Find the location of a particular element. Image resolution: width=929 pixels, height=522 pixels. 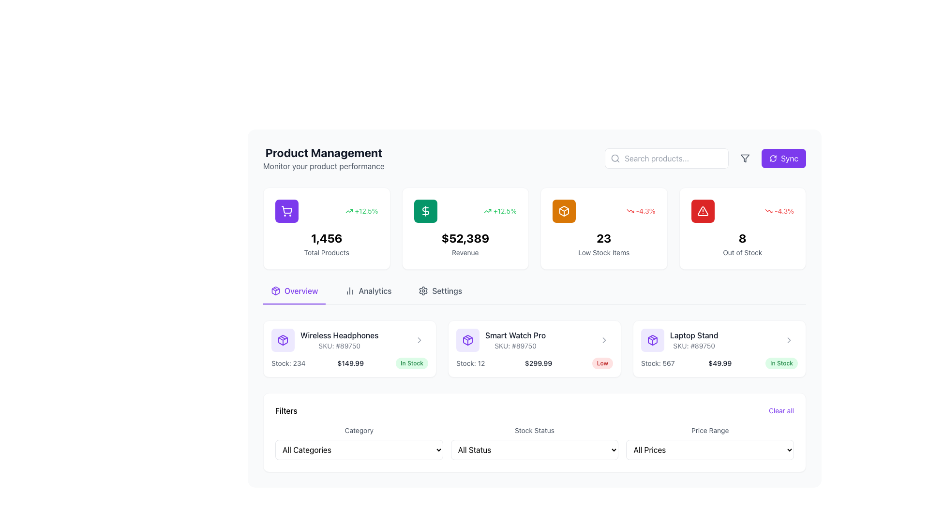

the Chevron icon for navigation located at the right edge of the 'Wireless Headphones' card is located at coordinates (420, 340).